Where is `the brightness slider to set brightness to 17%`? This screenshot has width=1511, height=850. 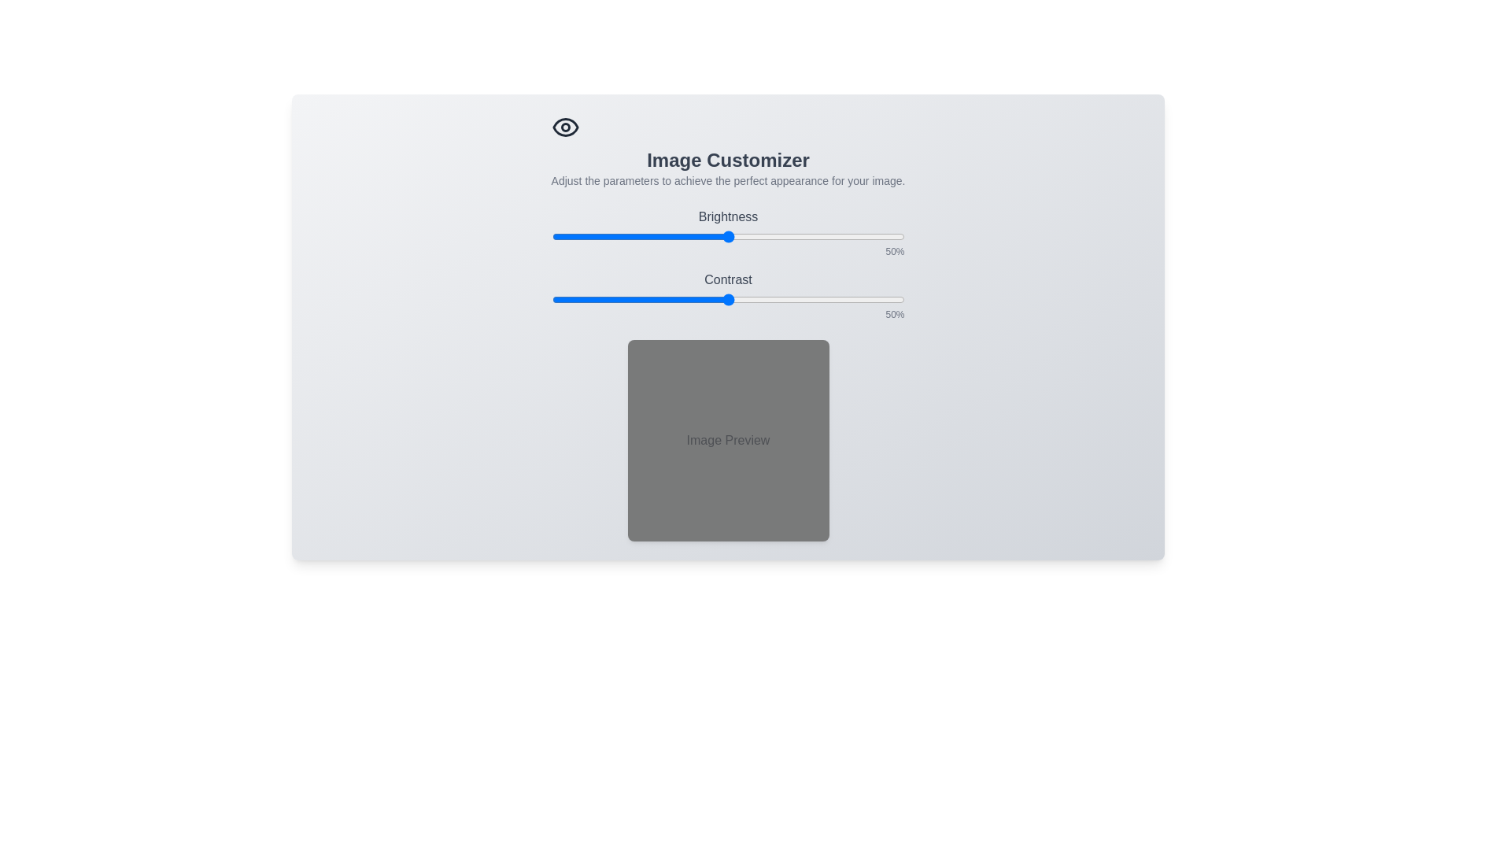
the brightness slider to set brightness to 17% is located at coordinates (611, 236).